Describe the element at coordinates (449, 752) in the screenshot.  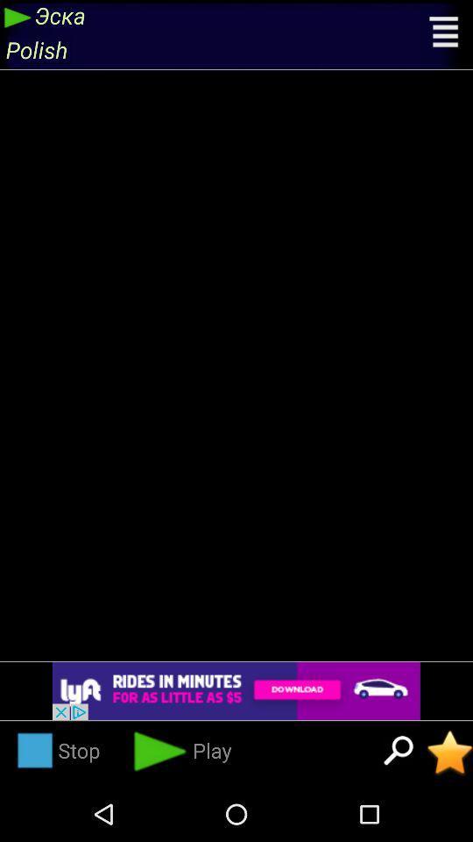
I see `turn on and off app` at that location.